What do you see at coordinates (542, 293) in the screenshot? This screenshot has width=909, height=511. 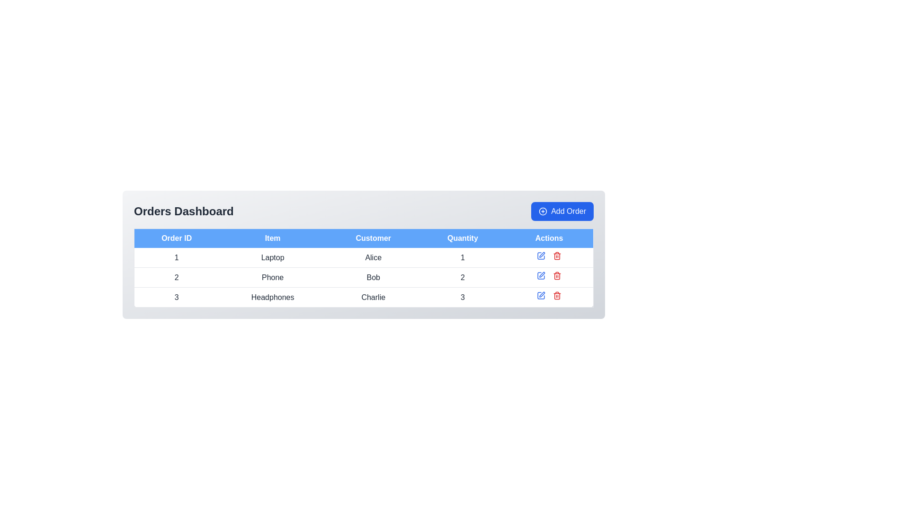 I see `the edit icon button in the Actions column of the third row, associated with the 'Headphones' item` at bounding box center [542, 293].